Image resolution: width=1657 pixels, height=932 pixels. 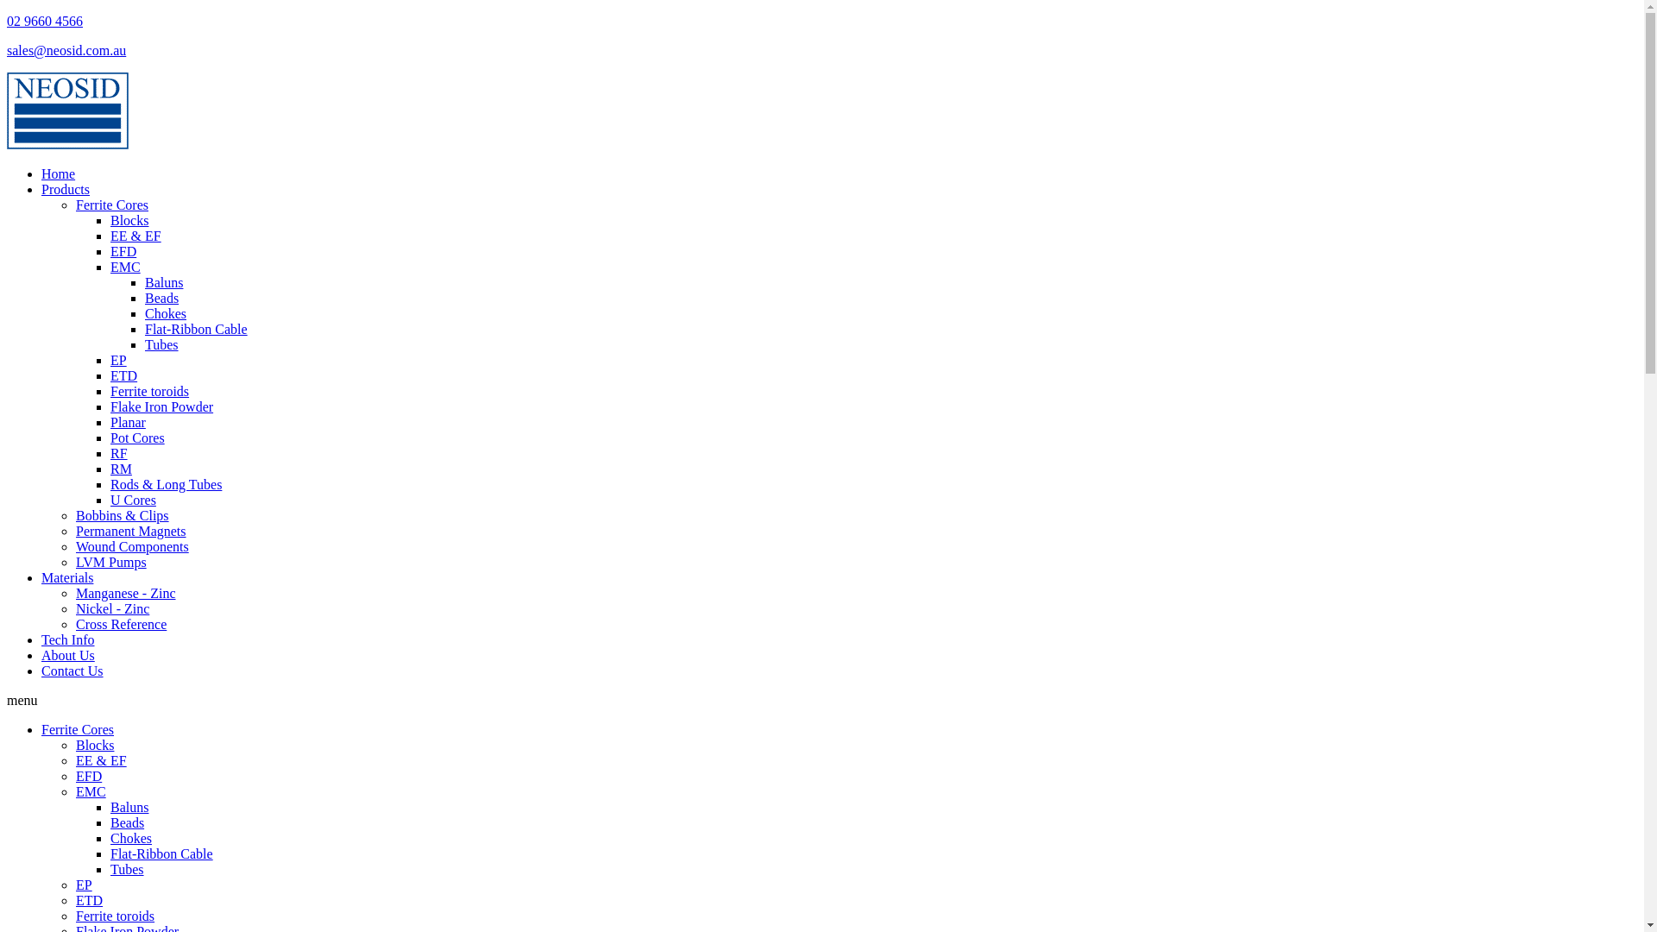 I want to click on 'EMC', so click(x=90, y=791).